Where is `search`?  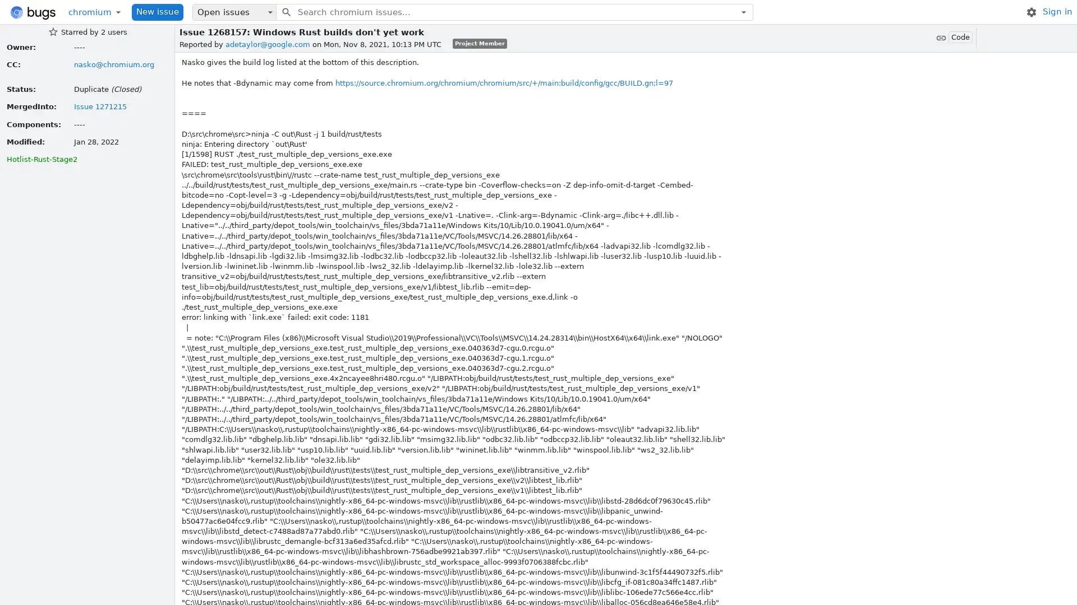 search is located at coordinates (286, 11).